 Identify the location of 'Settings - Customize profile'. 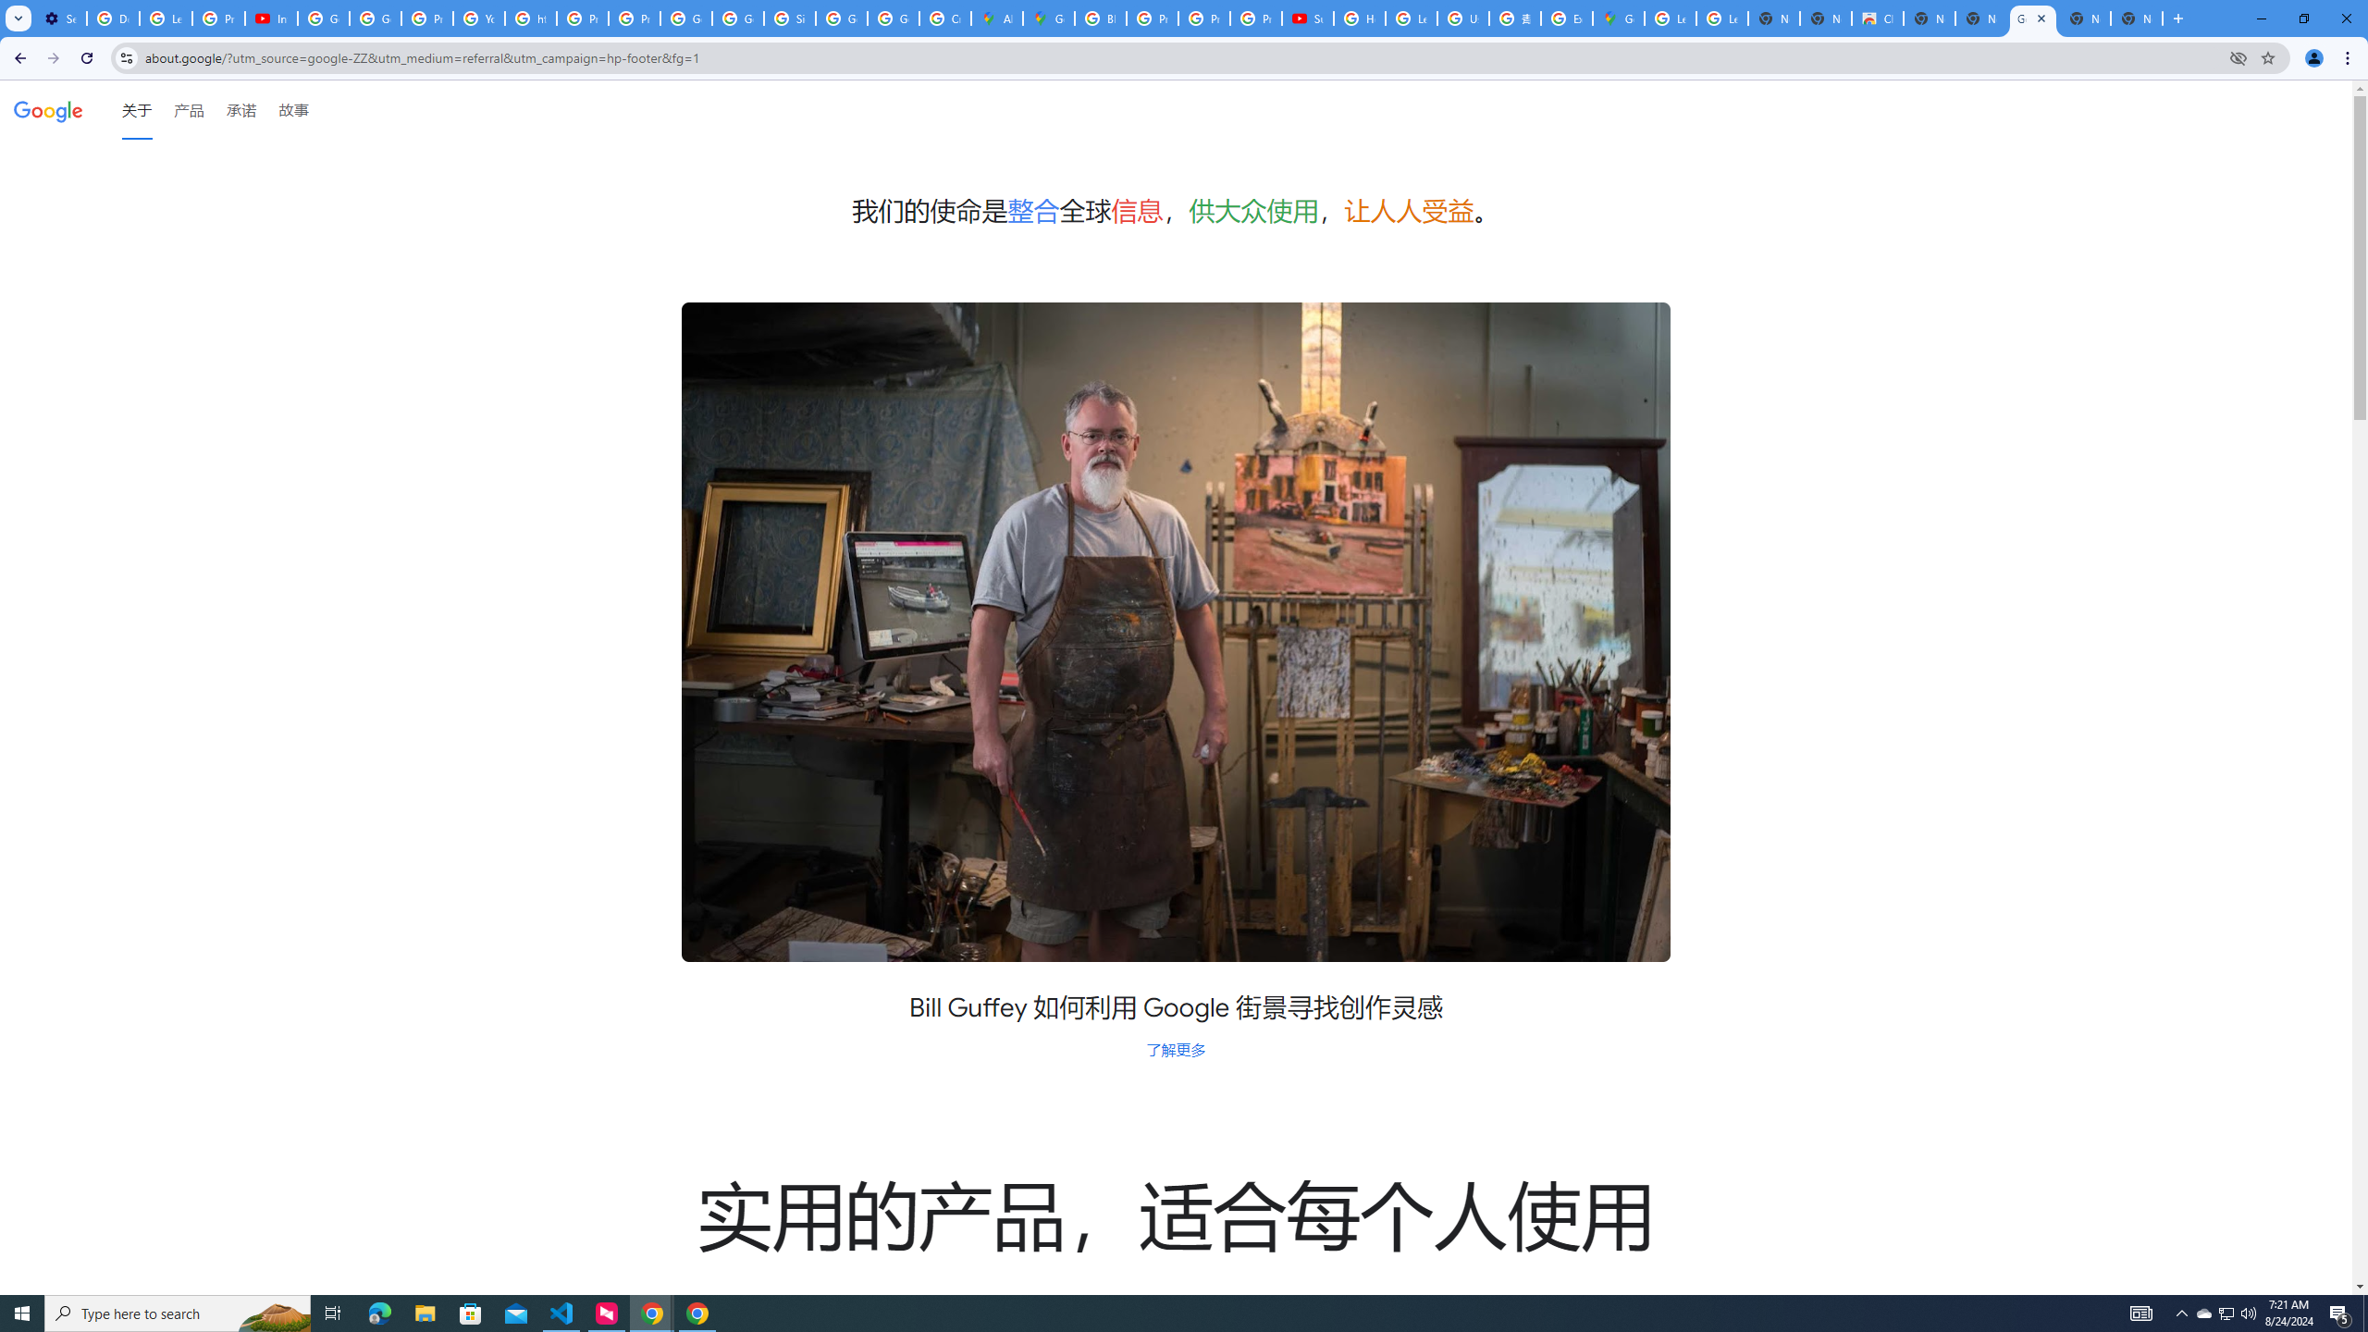
(60, 18).